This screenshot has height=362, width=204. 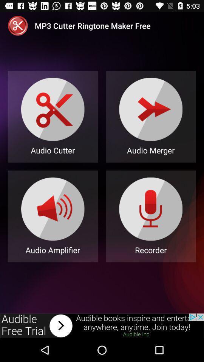 I want to click on advertisement bar, so click(x=102, y=325).